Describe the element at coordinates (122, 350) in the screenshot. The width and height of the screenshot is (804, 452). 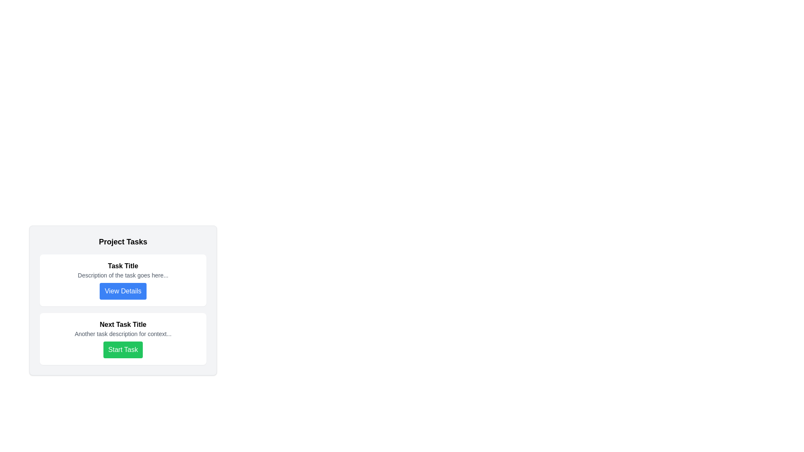
I see `the 'Start Task' button located at the bottom of the task card labeled 'Next Task Title'` at that location.